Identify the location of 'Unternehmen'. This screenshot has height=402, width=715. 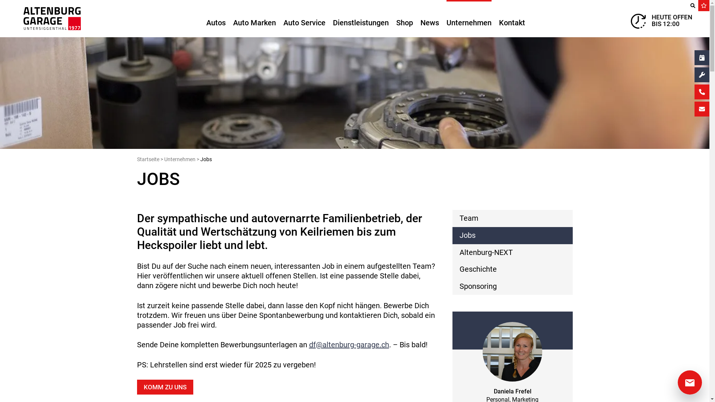
(179, 159).